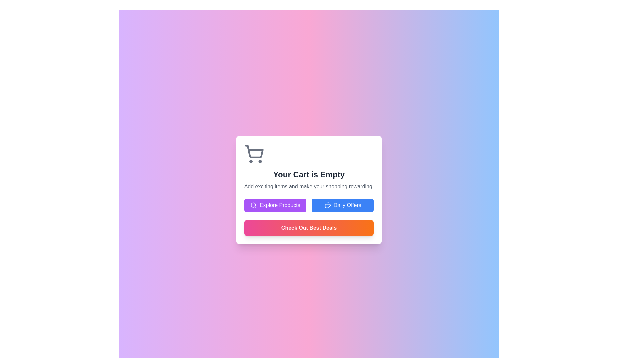 The image size is (640, 360). Describe the element at coordinates (308, 205) in the screenshot. I see `the Button Group that provides navigation options for exploring products and daily offers` at that location.